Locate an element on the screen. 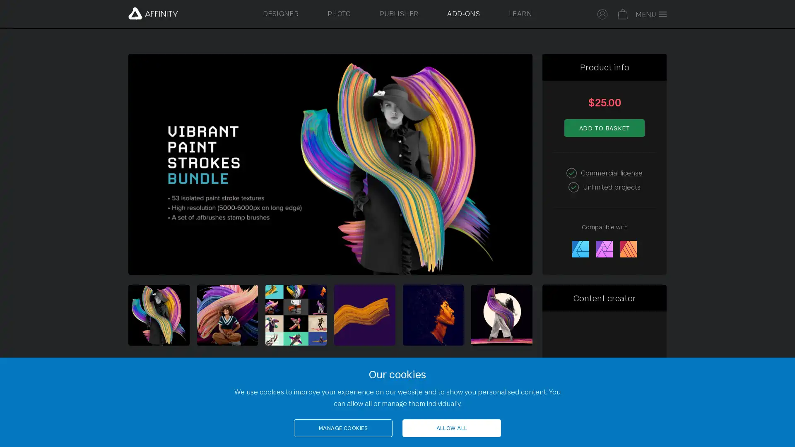 The height and width of the screenshot is (447, 795). Toggle full screen menu is located at coordinates (653, 14).